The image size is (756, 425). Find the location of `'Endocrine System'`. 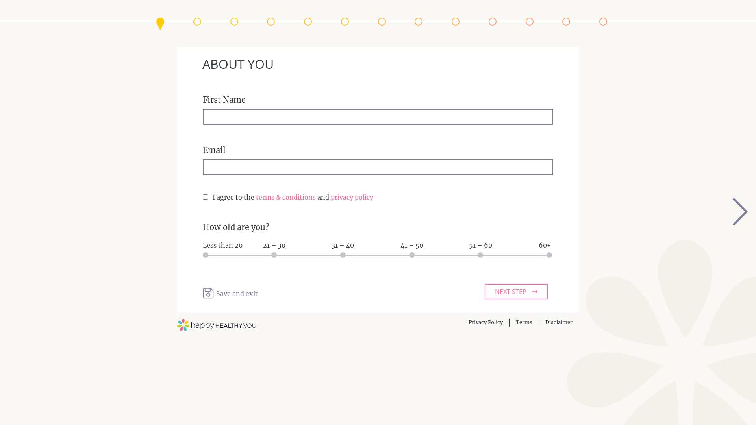

'Endocrine System' is located at coordinates (271, 21).